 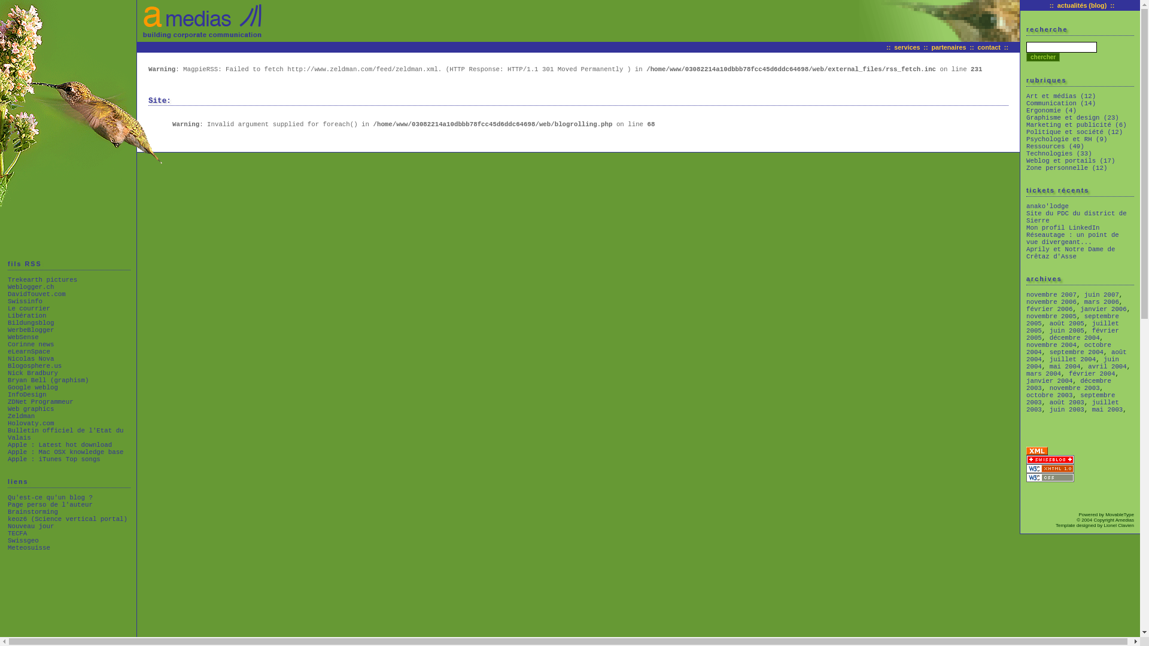 I want to click on 'avril 2004', so click(x=1107, y=366).